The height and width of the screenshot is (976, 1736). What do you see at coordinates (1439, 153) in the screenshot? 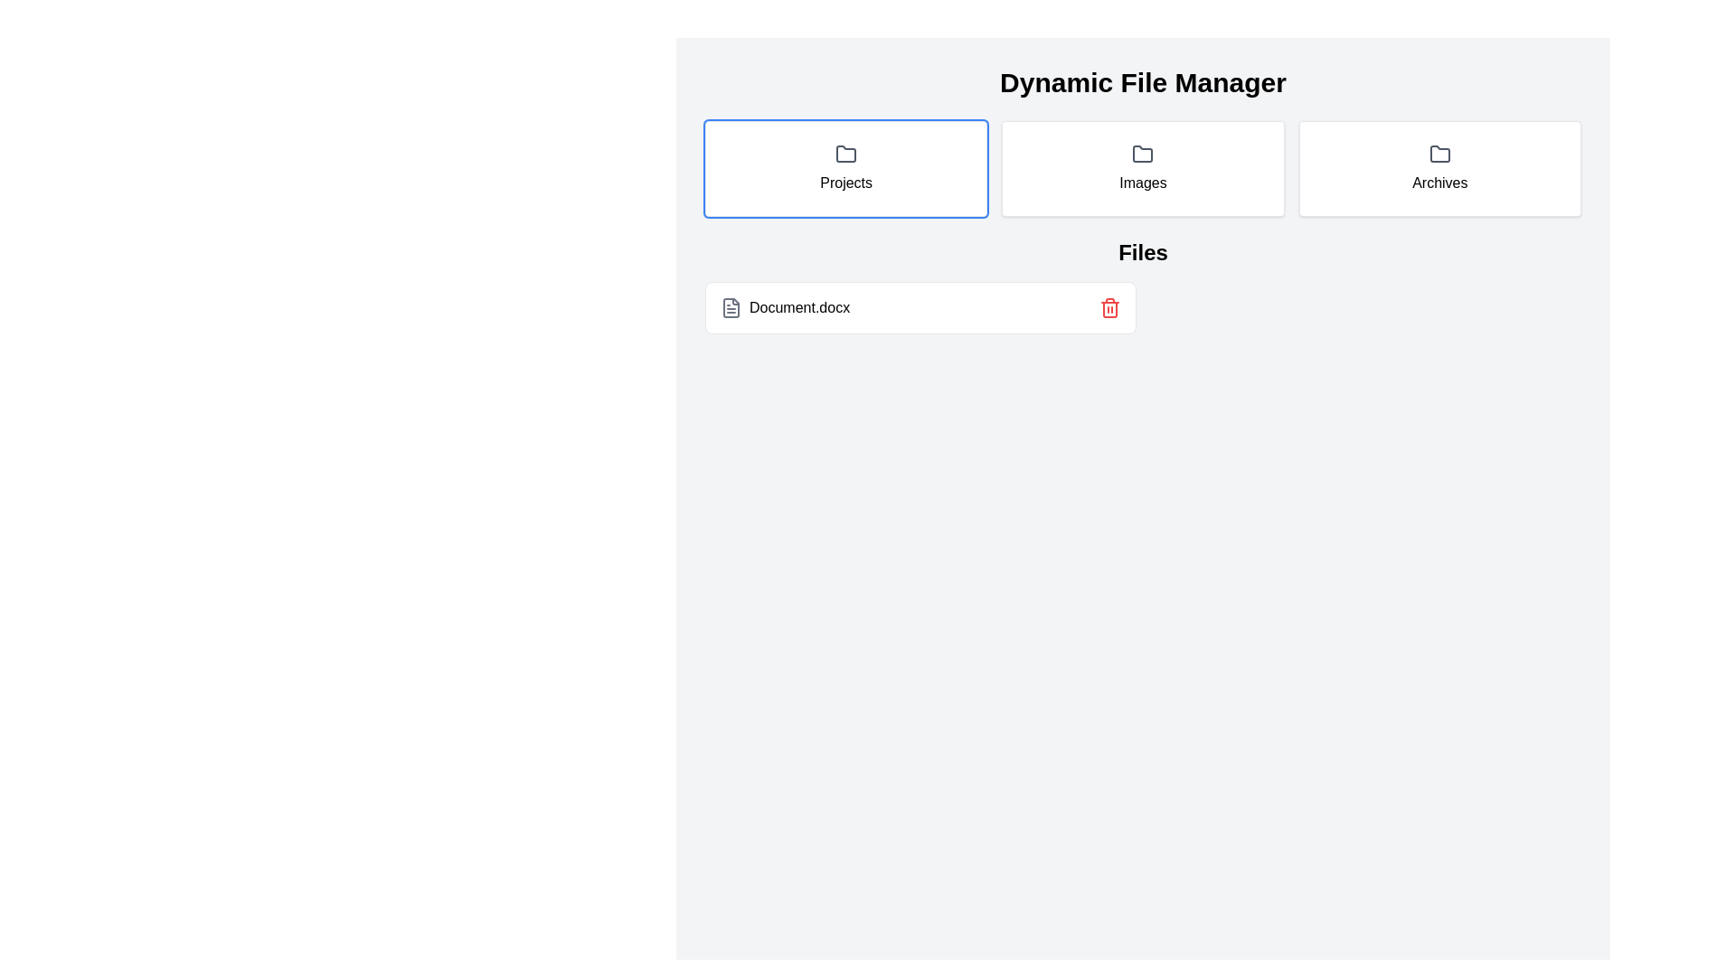
I see `the folder icon, which is grayish and located in the upper-right section of the interface within the 'Archives' panel, centered above the 'Archives' label` at bounding box center [1439, 153].